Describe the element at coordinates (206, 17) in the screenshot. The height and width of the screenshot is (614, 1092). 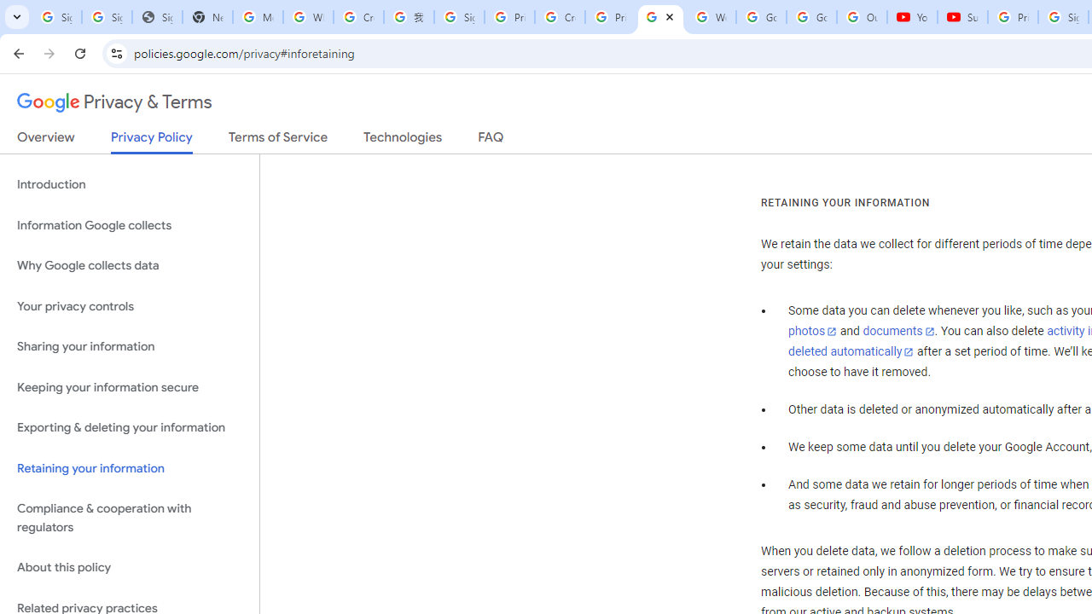
I see `'New Tab'` at that location.